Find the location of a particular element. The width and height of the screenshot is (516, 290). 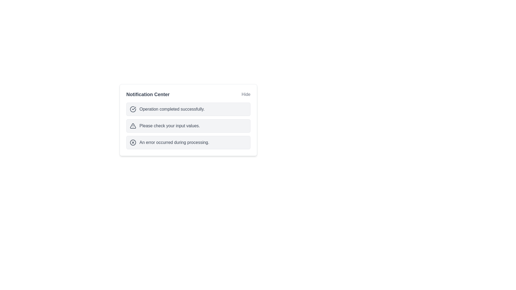

the 'Notification Center' heading, which is a prominently displayed text in bold font at the top-left corner of the notification panel, to visually interact with it is located at coordinates (148, 94).